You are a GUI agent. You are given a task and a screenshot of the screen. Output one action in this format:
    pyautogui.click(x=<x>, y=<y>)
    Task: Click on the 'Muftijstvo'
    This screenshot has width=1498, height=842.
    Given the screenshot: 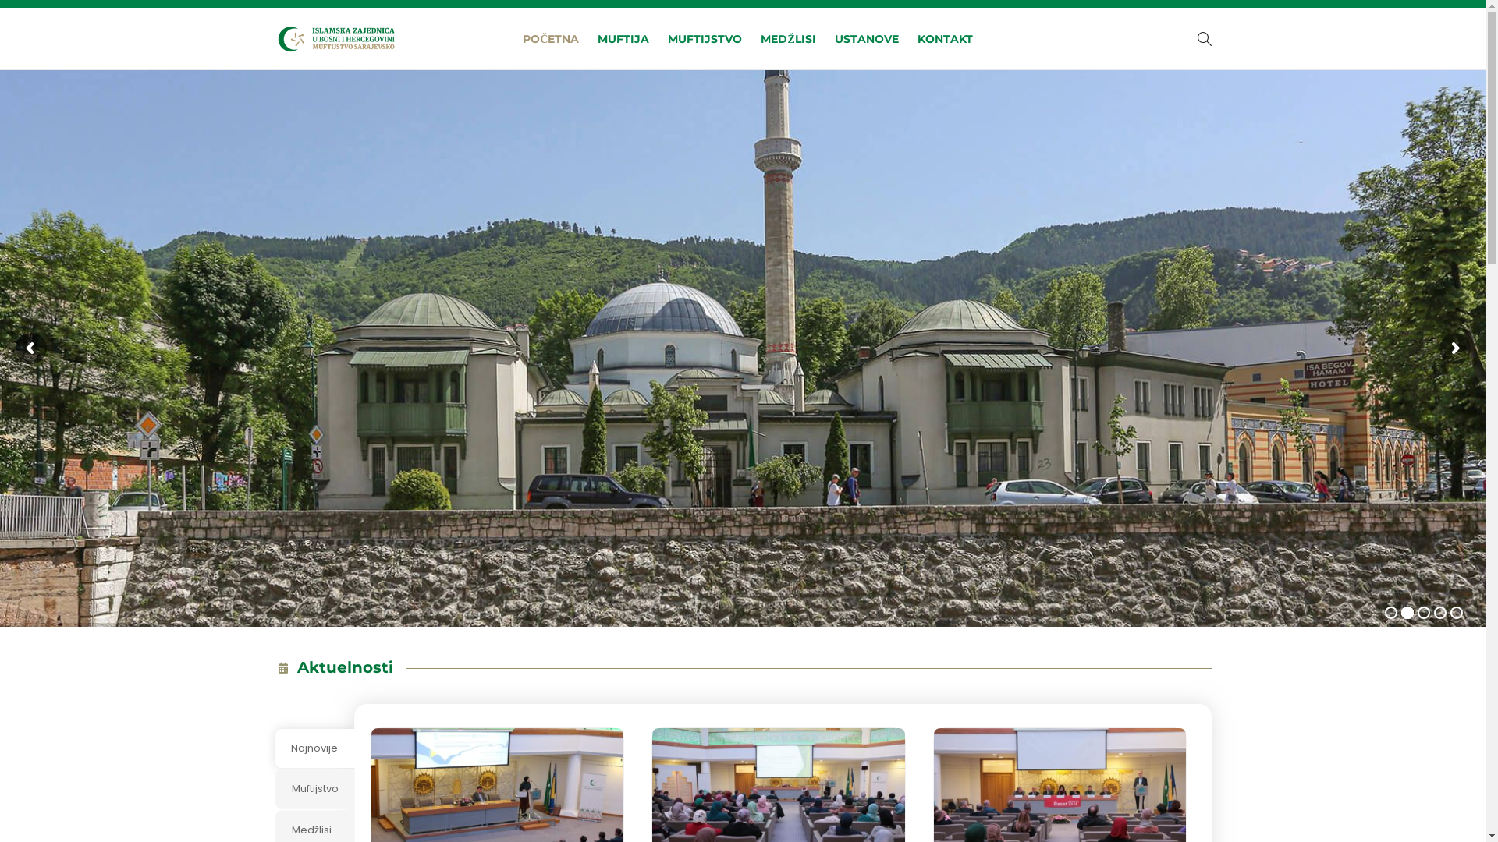 What is the action you would take?
    pyautogui.click(x=314, y=788)
    